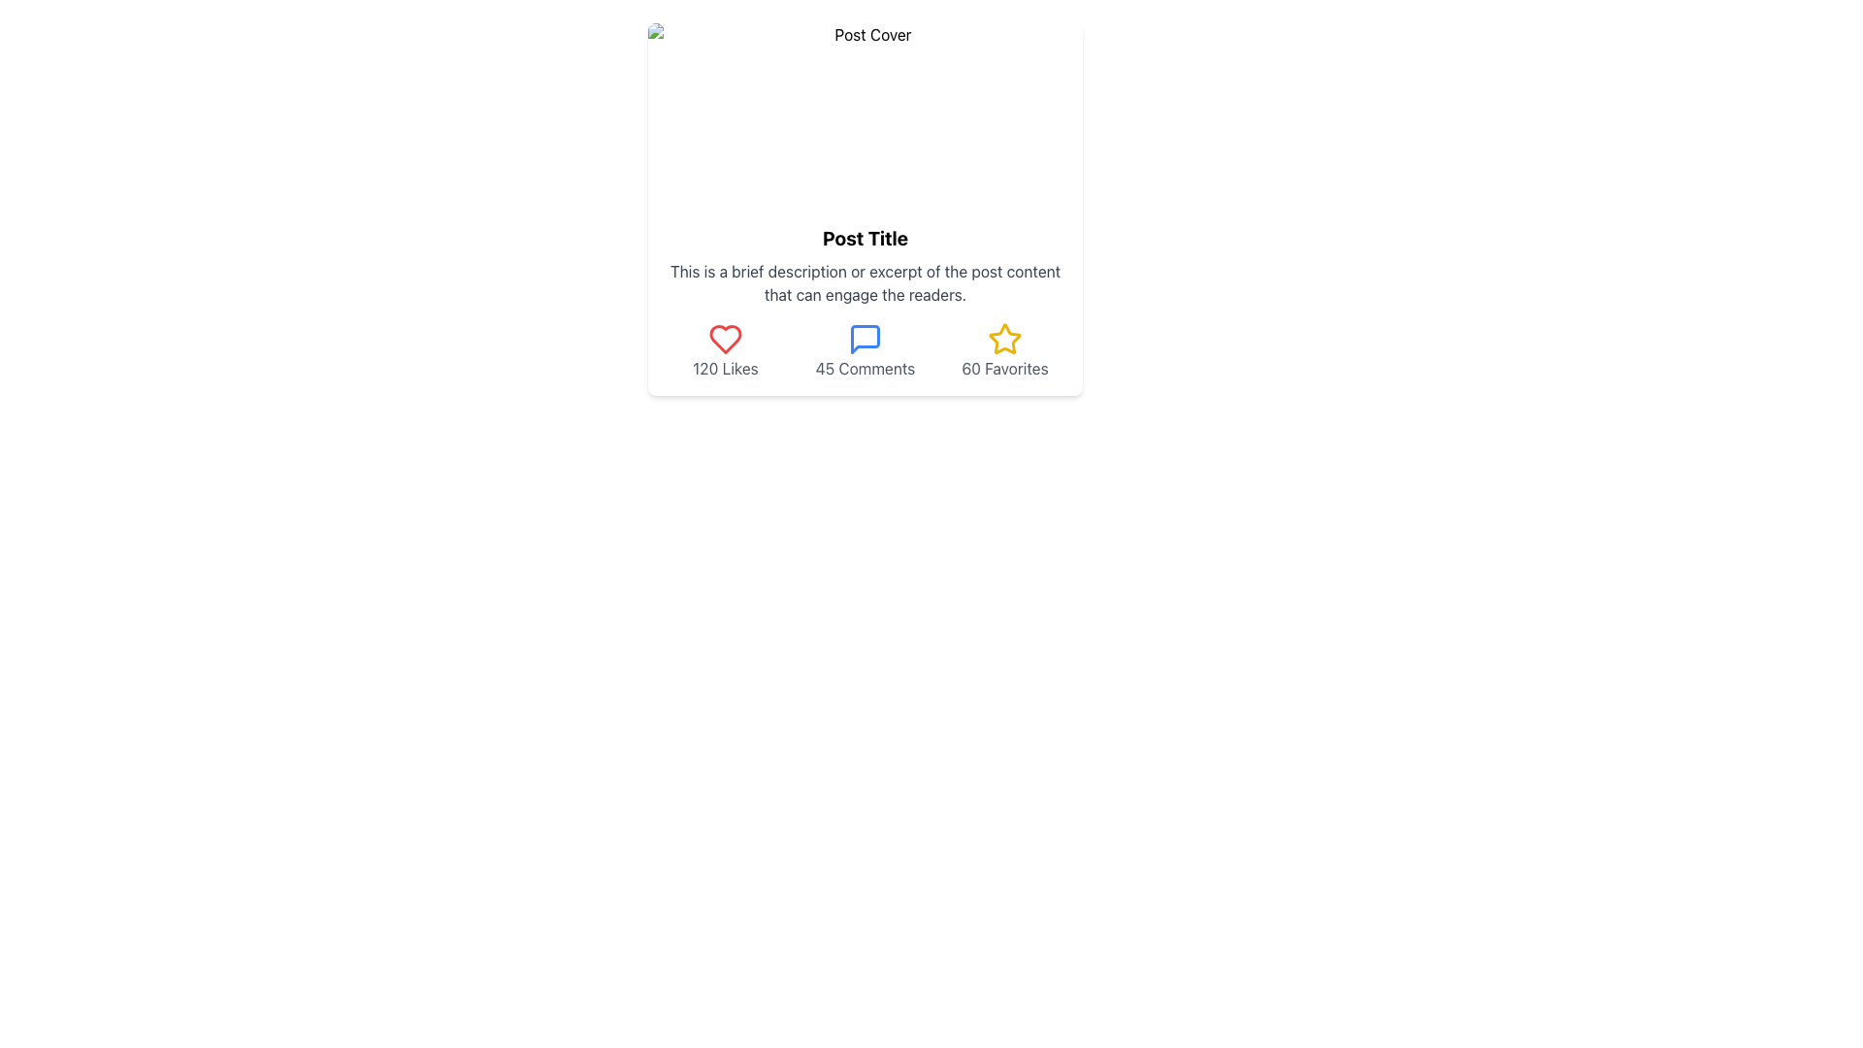 Image resolution: width=1863 pixels, height=1048 pixels. I want to click on the yellow star icon in the interactive group labeled '60 Favorites', so click(1005, 351).